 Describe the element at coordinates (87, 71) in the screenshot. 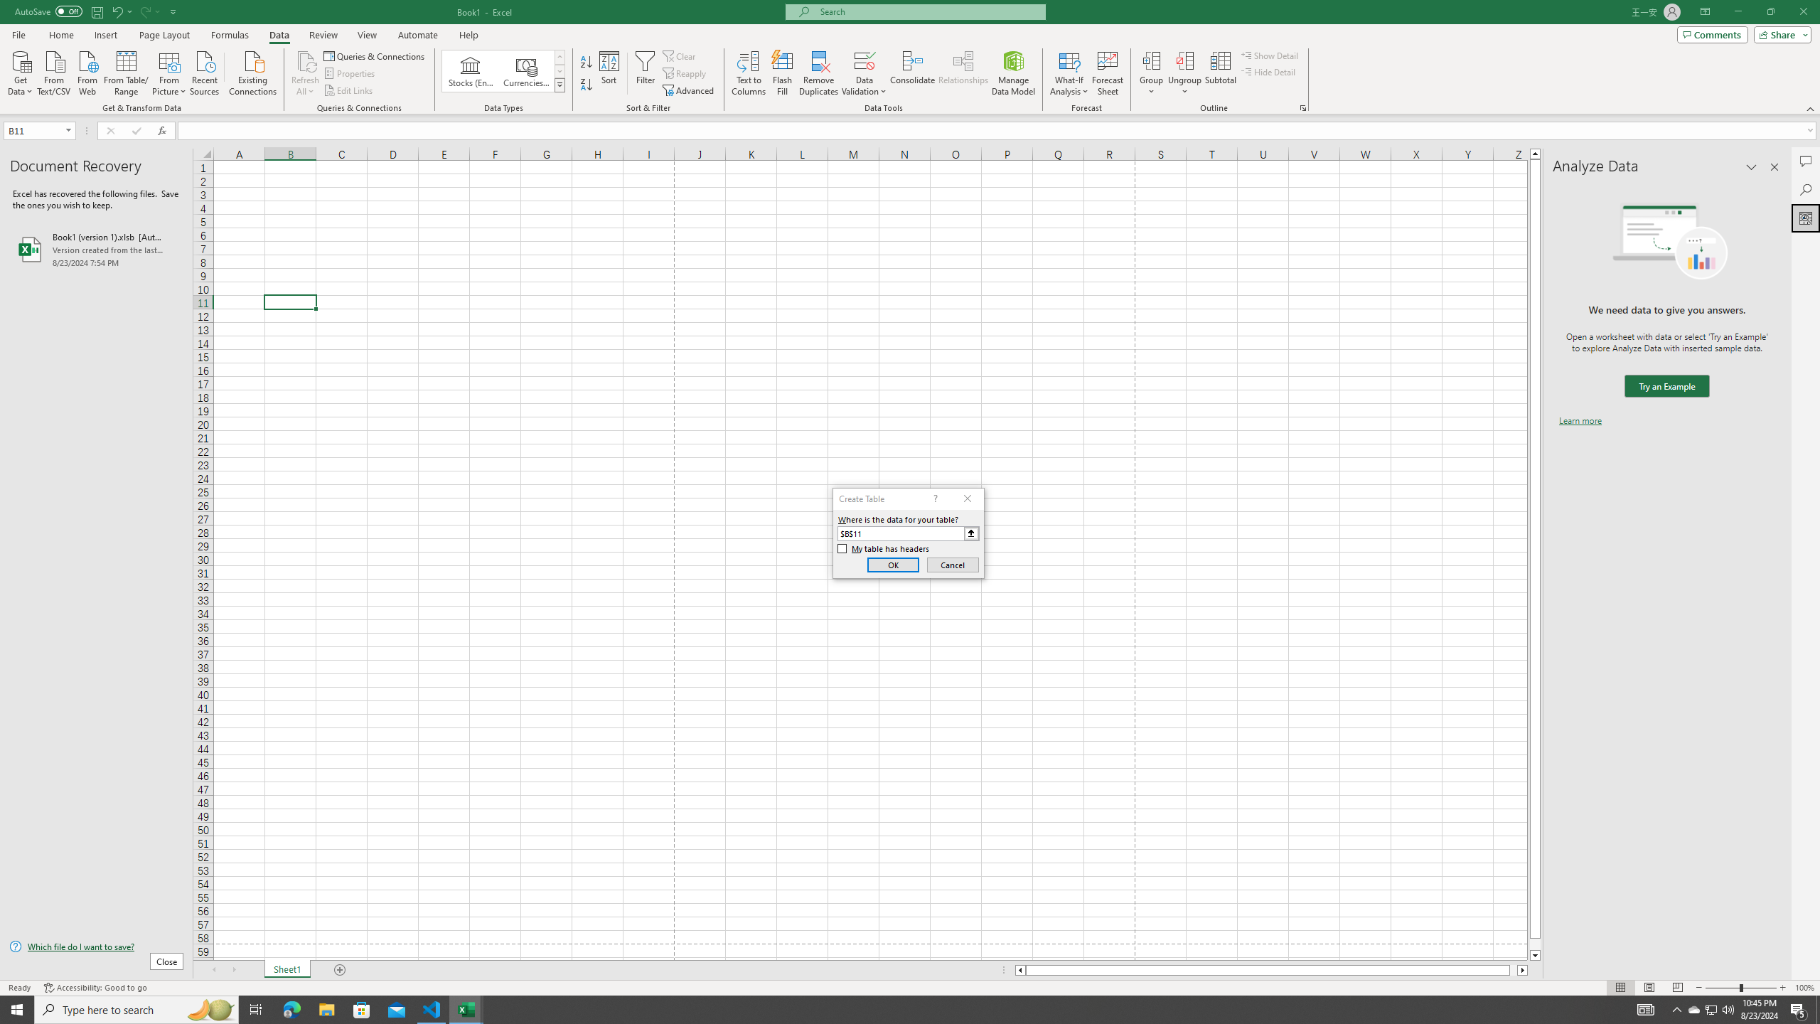

I see `'From Web'` at that location.